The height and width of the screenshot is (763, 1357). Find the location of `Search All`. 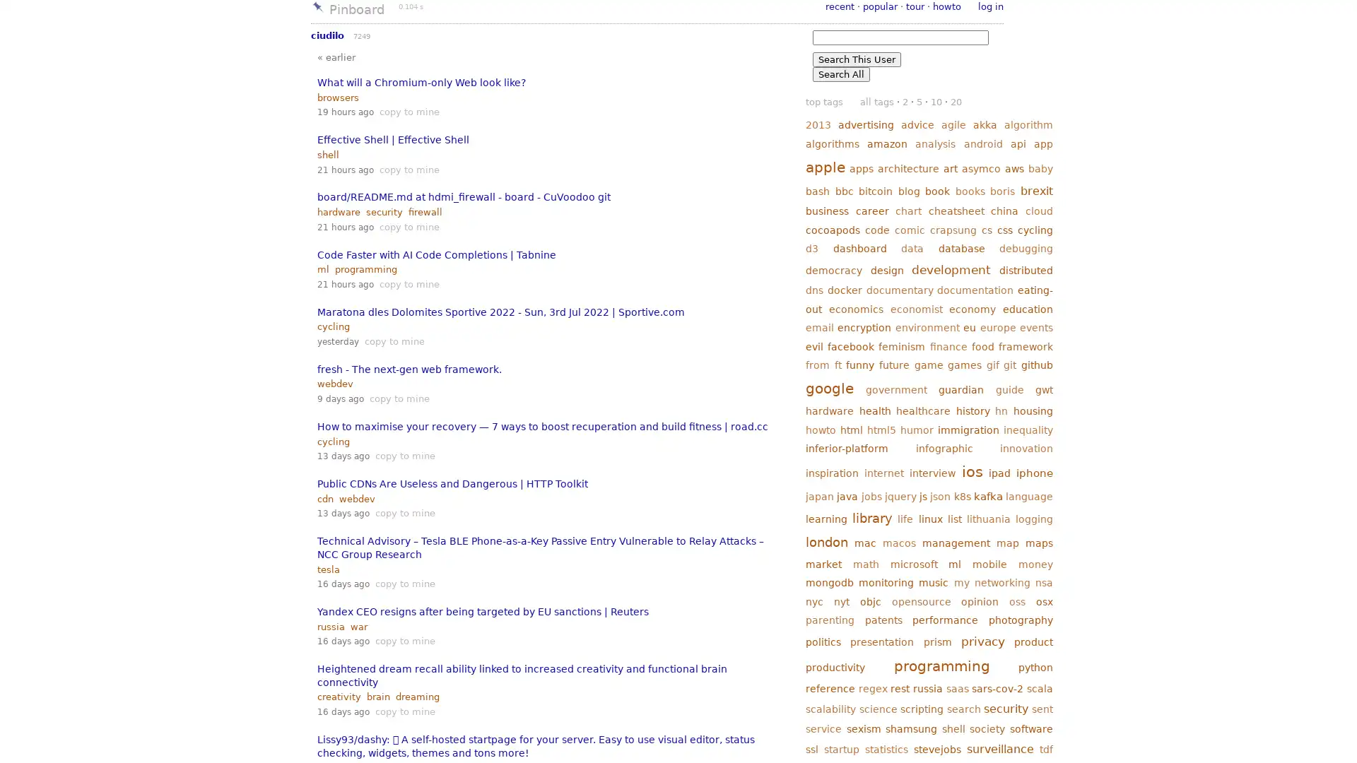

Search All is located at coordinates (841, 74).